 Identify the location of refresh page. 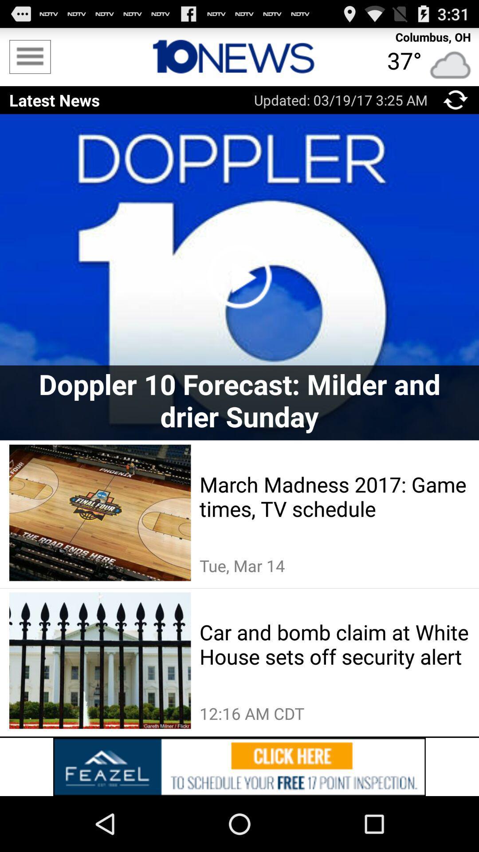
(455, 100).